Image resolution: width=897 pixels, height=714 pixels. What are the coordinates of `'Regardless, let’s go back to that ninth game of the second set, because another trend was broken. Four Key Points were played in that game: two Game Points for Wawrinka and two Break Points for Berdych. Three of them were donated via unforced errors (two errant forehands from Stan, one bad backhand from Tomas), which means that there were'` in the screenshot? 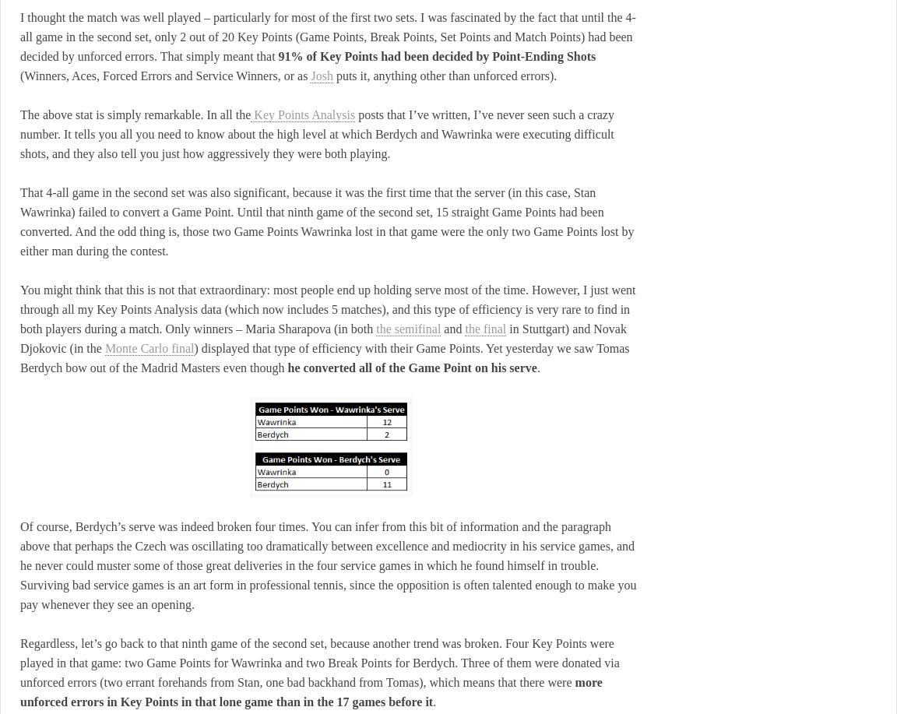 It's located at (318, 663).